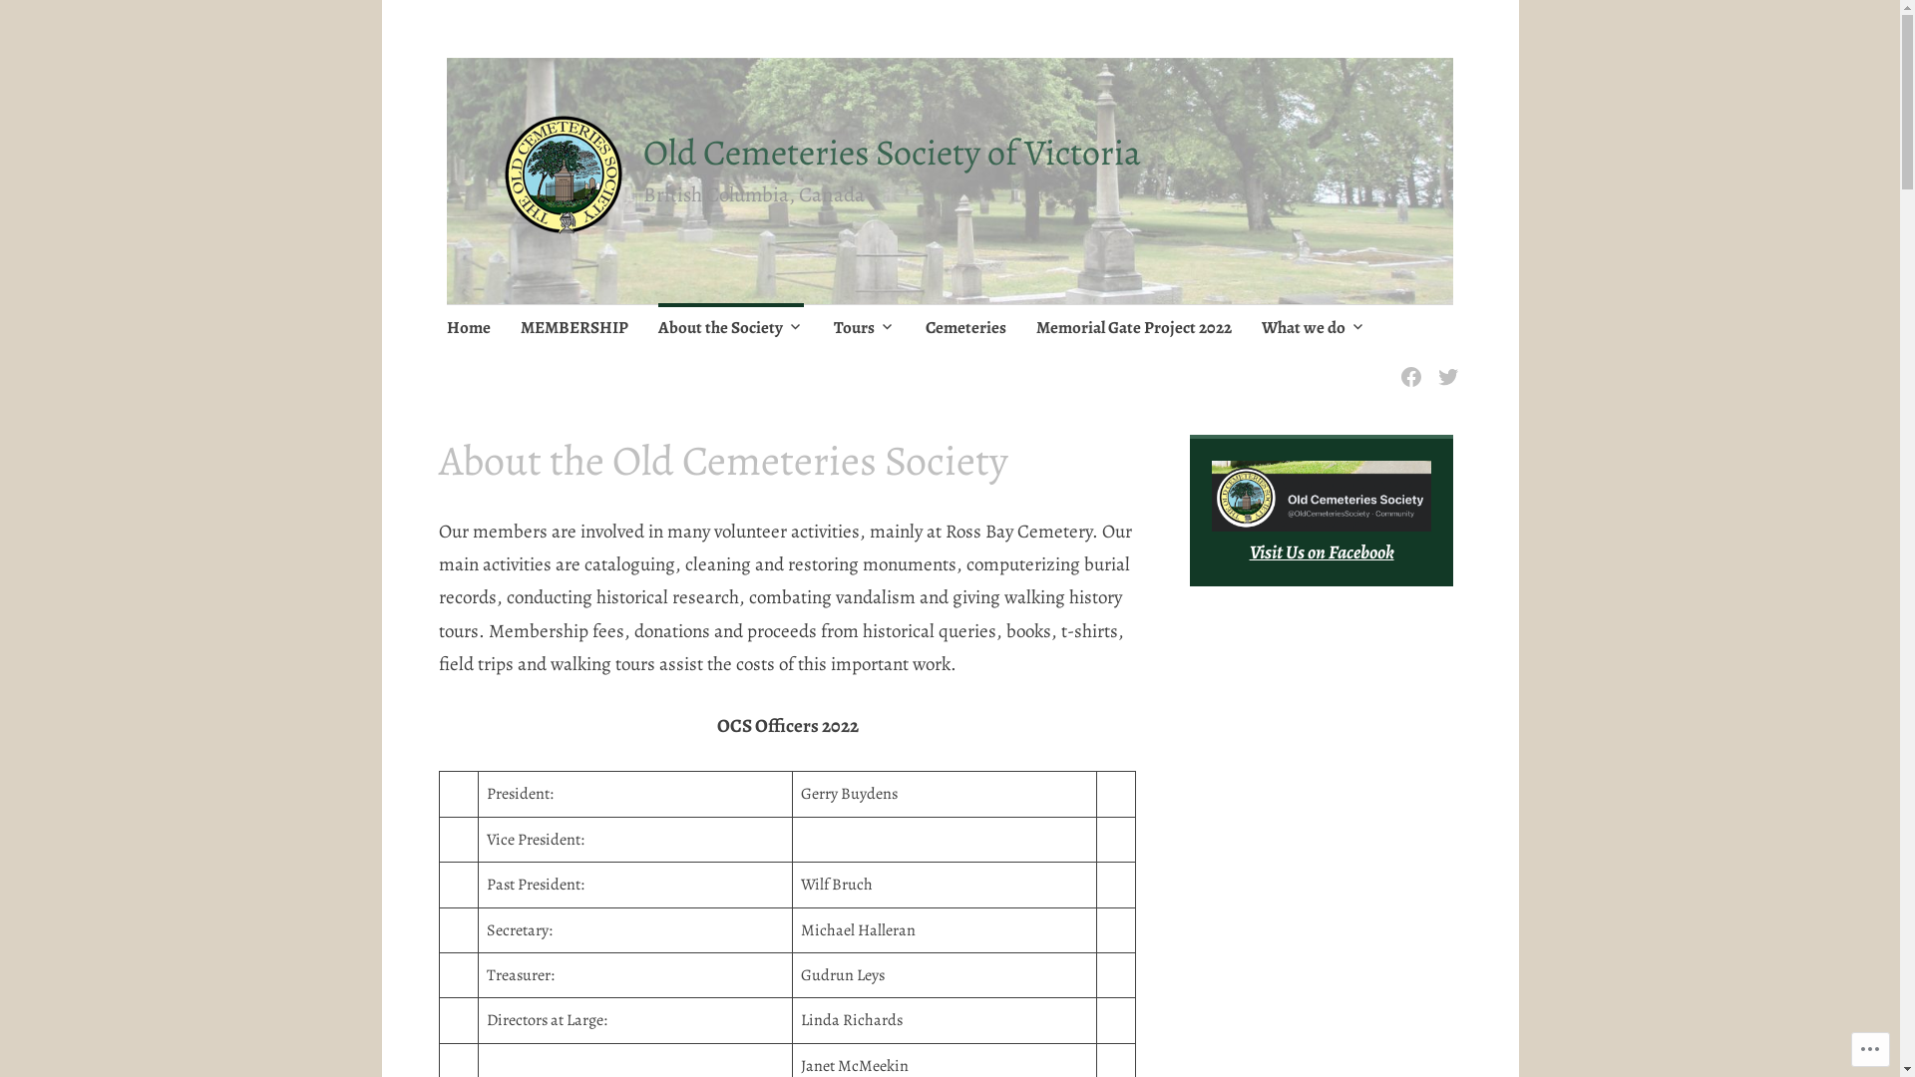  Describe the element at coordinates (574, 328) in the screenshot. I see `'MEMBERSHIP'` at that location.